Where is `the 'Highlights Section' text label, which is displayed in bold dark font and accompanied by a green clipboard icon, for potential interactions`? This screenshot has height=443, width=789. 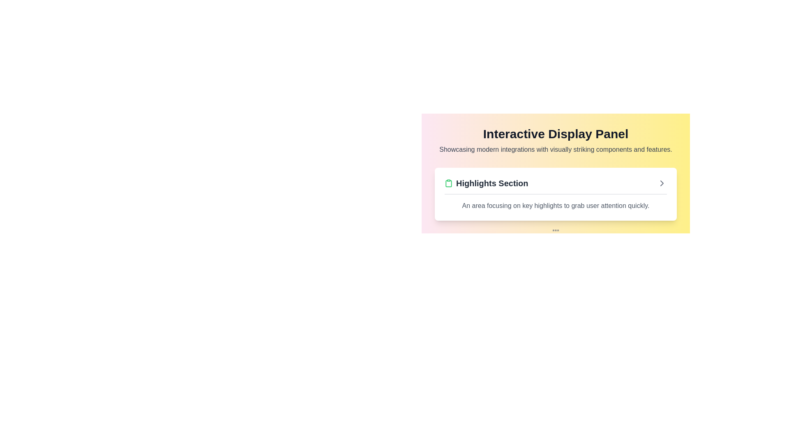 the 'Highlights Section' text label, which is displayed in bold dark font and accompanied by a green clipboard icon, for potential interactions is located at coordinates (486, 183).